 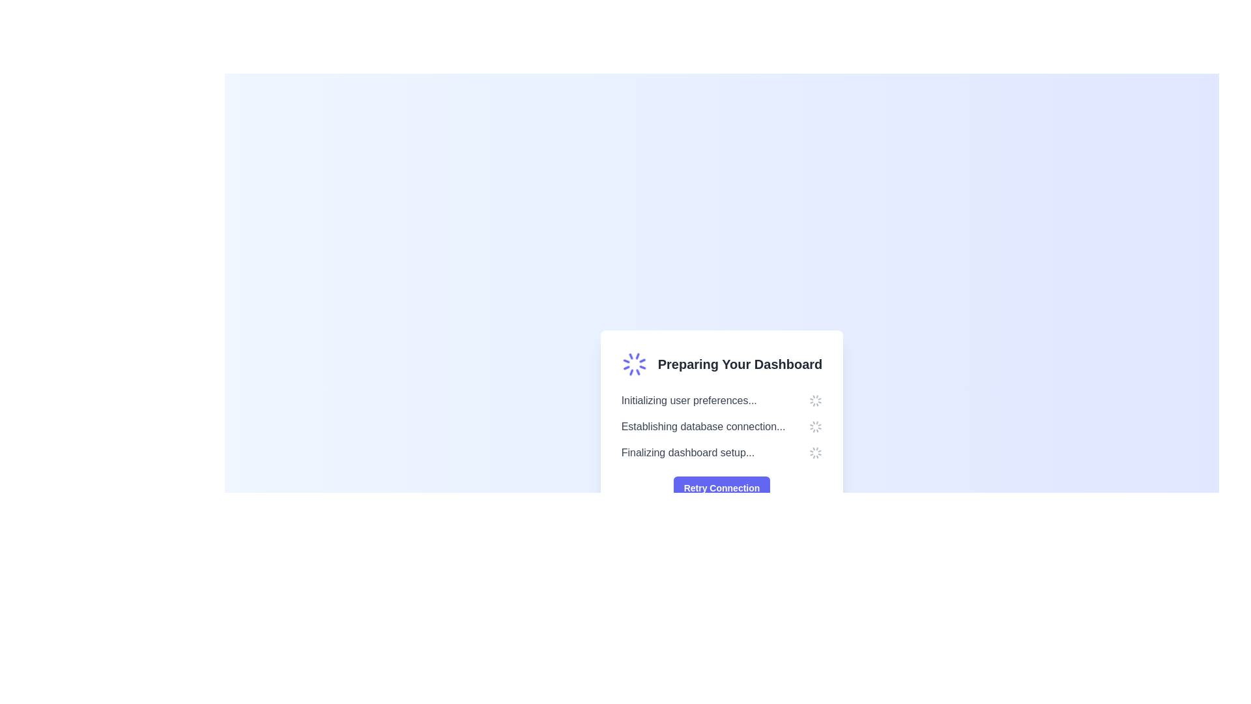 I want to click on the circular, spinning loader animation located to the left of the text 'Preparing Your Dashboard', so click(x=634, y=364).